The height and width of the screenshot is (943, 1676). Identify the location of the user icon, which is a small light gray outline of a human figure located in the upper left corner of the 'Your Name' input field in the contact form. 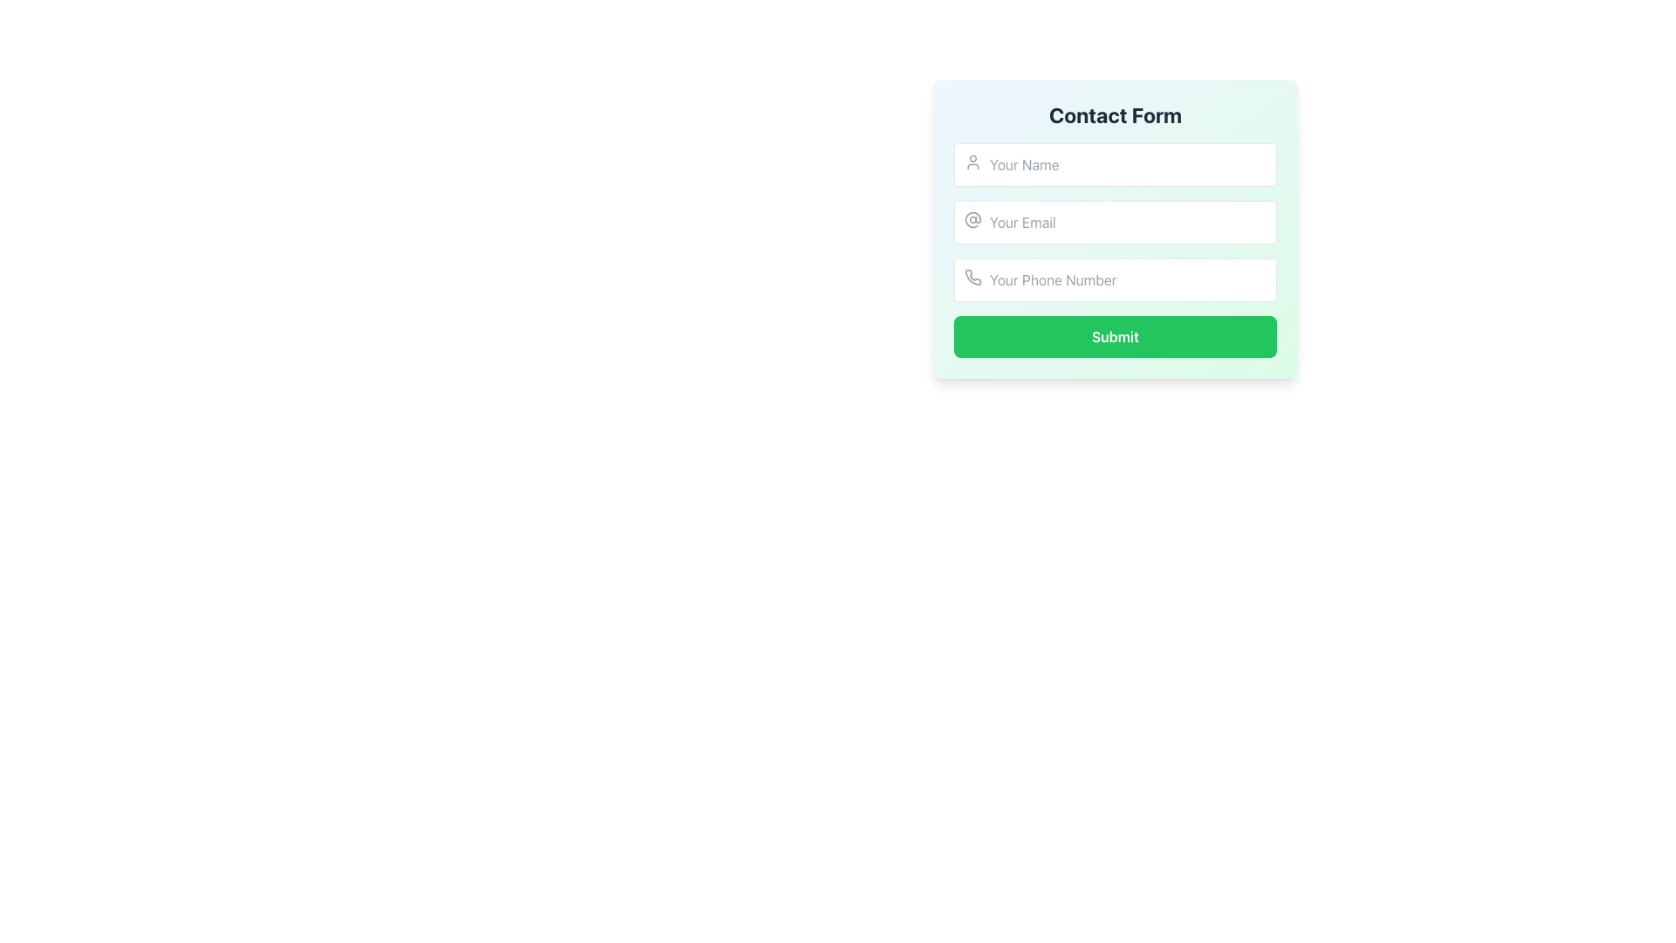
(972, 162).